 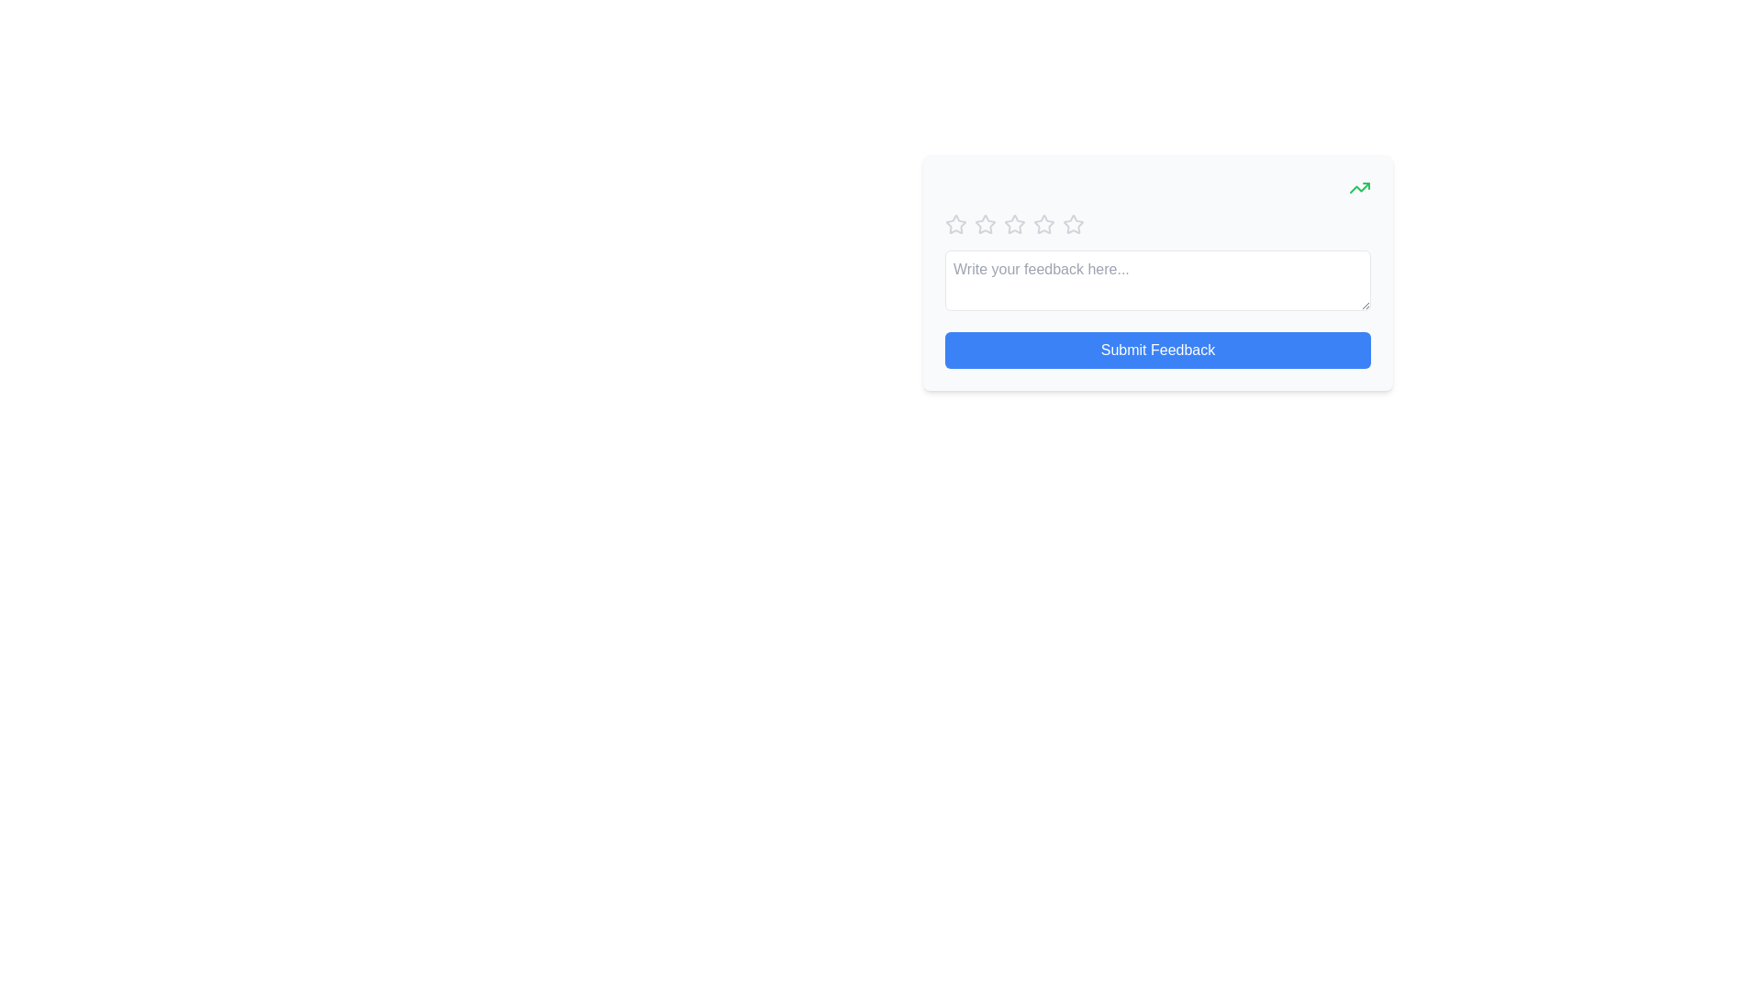 What do you see at coordinates (1043, 223) in the screenshot?
I see `the second star icon in the rating group located at the top-right region of the interface` at bounding box center [1043, 223].